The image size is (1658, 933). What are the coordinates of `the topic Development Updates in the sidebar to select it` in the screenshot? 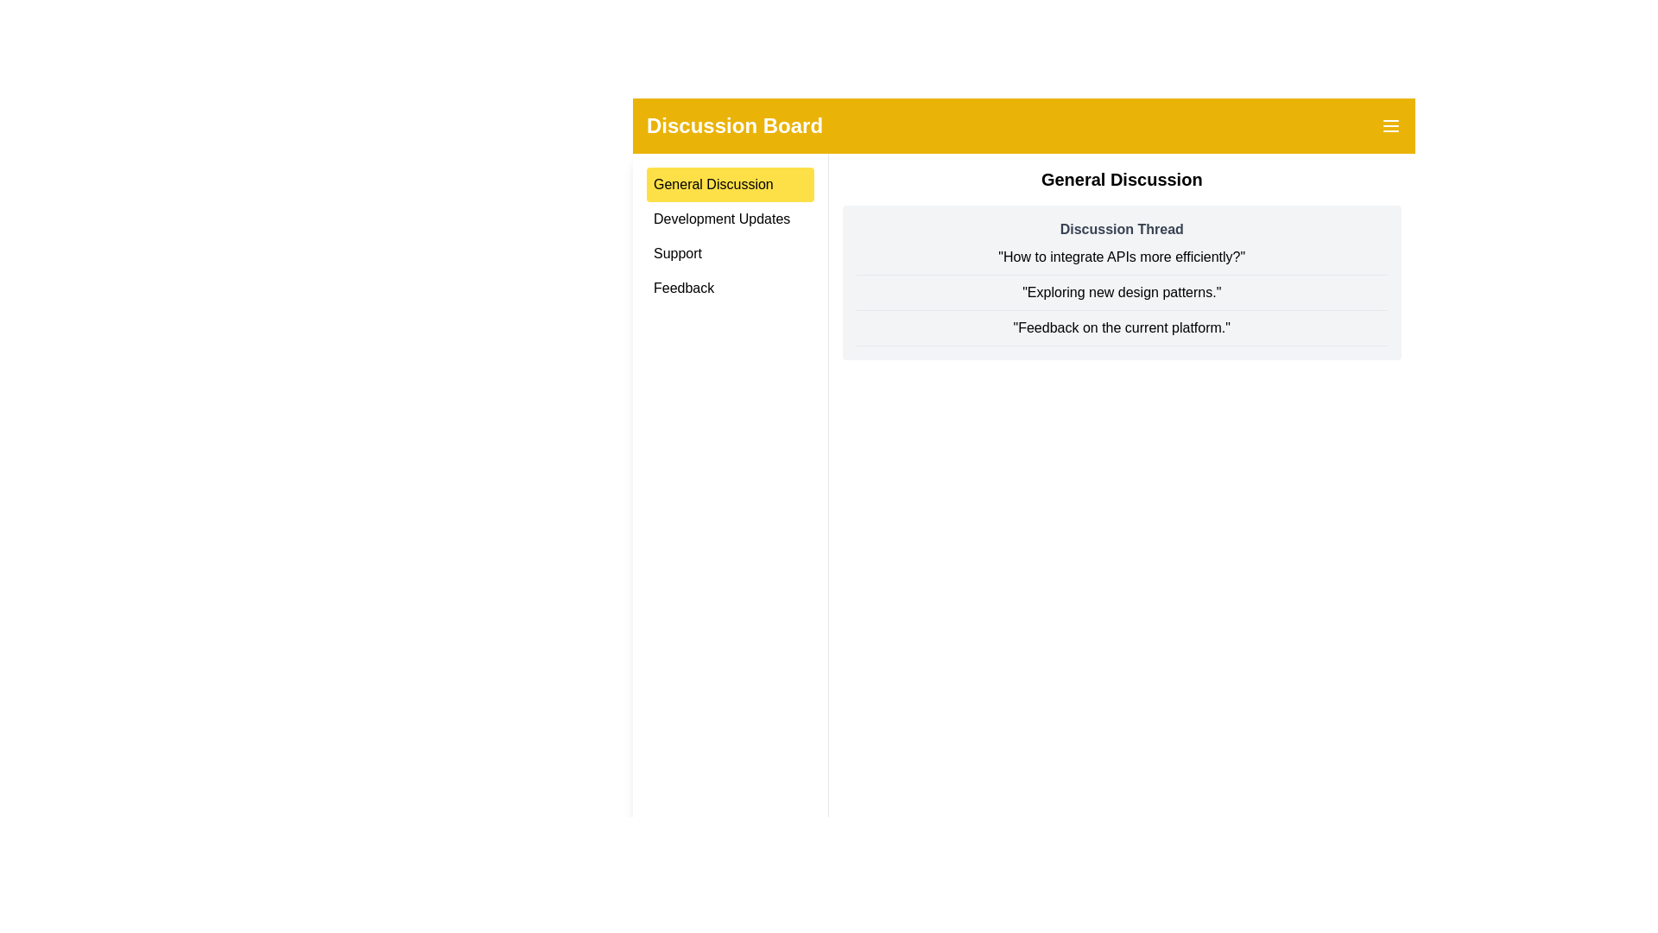 It's located at (730, 219).